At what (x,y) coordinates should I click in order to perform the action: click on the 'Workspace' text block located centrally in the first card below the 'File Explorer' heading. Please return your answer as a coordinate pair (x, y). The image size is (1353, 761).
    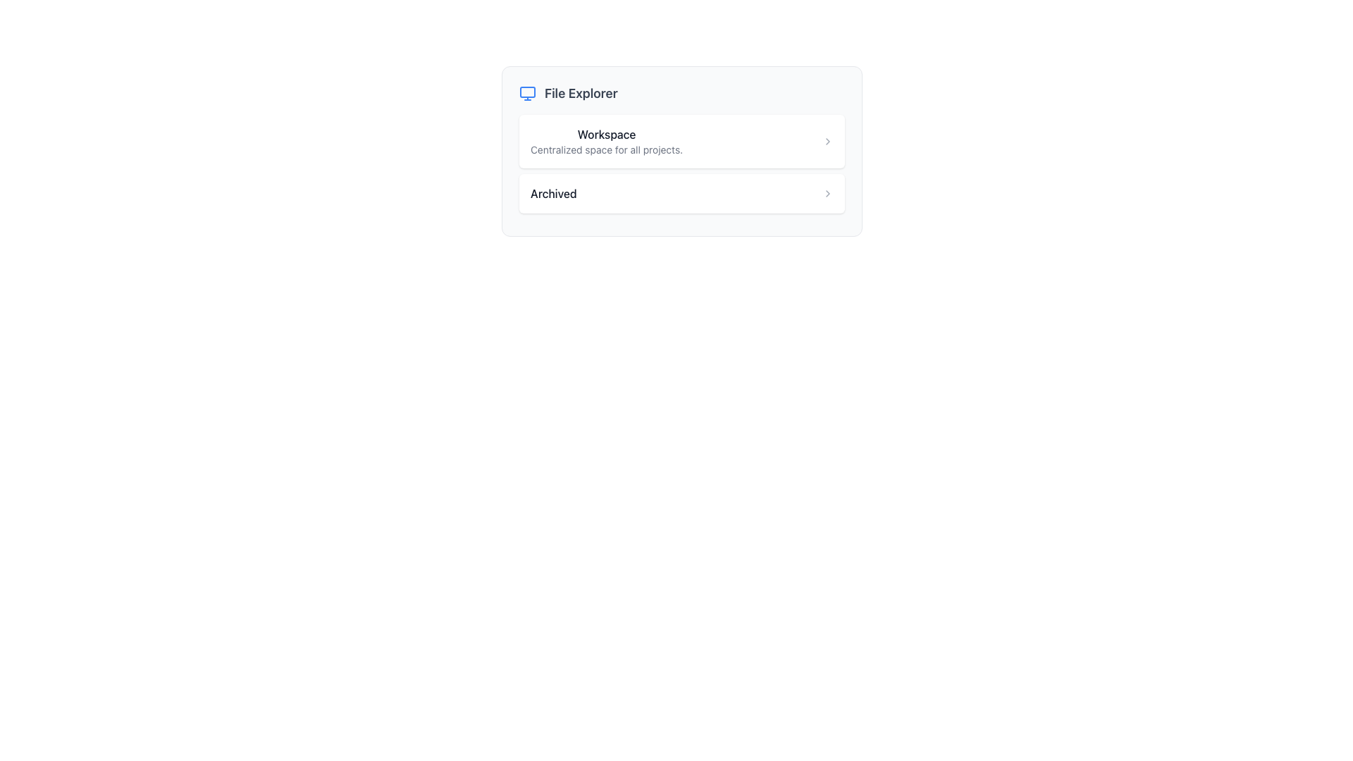
    Looking at the image, I should click on (607, 141).